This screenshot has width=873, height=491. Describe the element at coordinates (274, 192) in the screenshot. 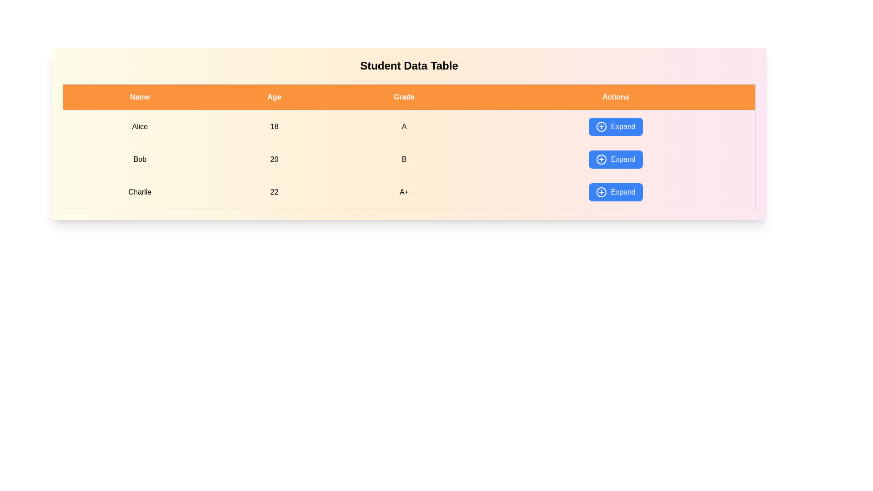

I see `the static text element displaying the numerical value '22' under the 'Age' column for the row labeled 'Charlie' in the 'Student Data Table'` at that location.